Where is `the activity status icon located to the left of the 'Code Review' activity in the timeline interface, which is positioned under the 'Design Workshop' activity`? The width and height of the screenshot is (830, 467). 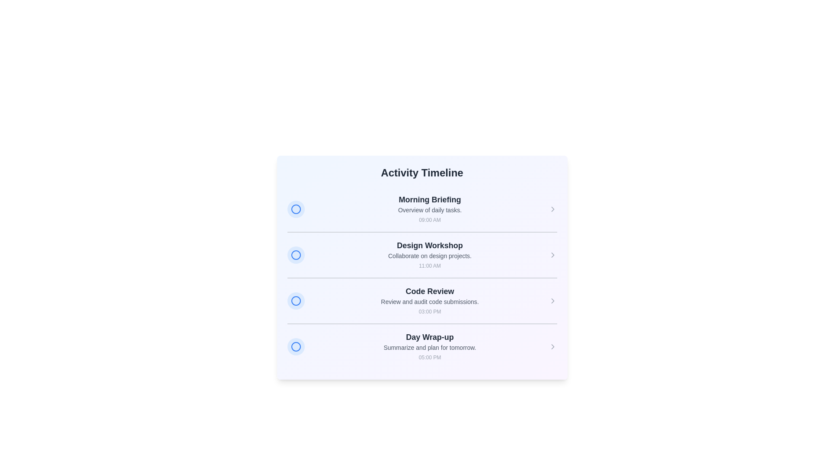
the activity status icon located to the left of the 'Code Review' activity in the timeline interface, which is positioned under the 'Design Workshop' activity is located at coordinates (296, 300).